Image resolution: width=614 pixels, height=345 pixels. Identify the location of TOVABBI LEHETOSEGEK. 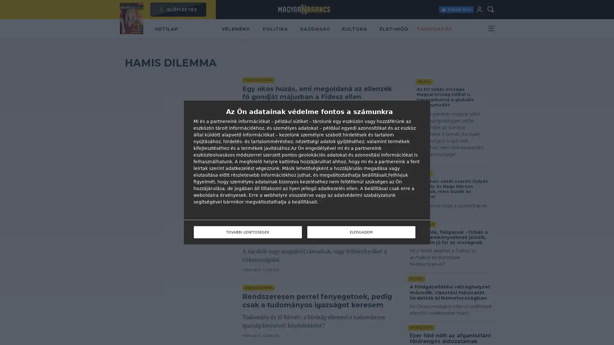
(247, 232).